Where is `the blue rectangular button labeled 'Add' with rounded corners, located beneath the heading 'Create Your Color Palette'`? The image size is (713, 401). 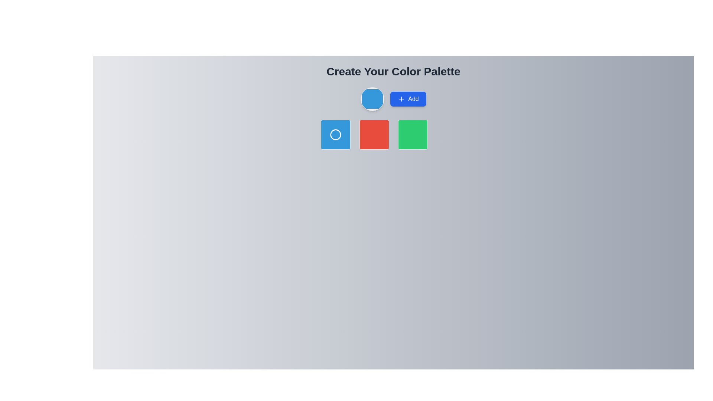
the blue rectangular button labeled 'Add' with rounded corners, located beneath the heading 'Create Your Color Palette' is located at coordinates (393, 98).